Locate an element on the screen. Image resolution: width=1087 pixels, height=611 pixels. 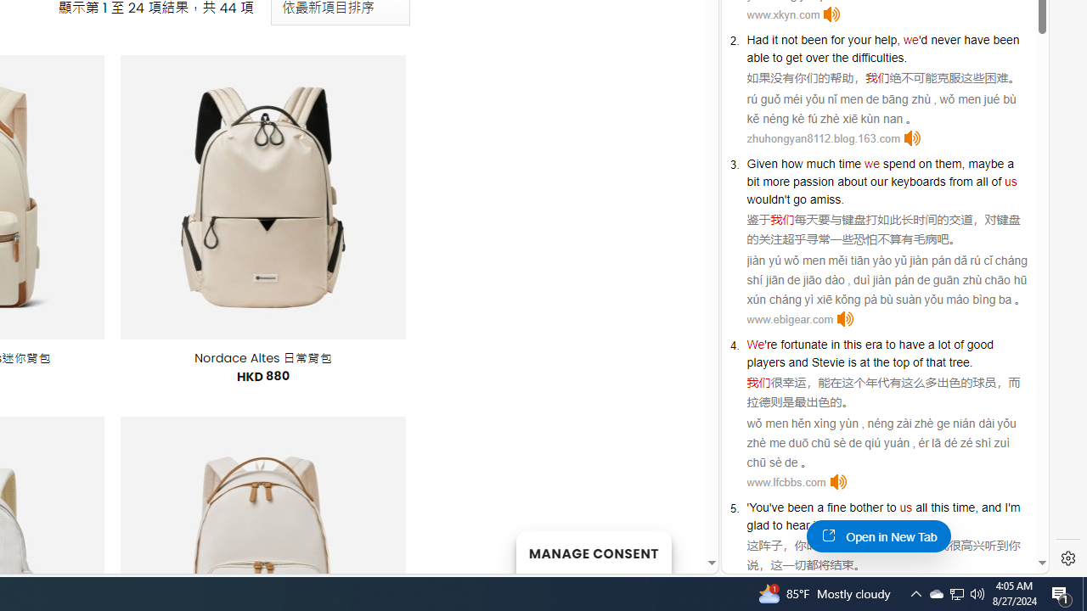
'www.xkyn.com' is located at coordinates (782, 14).